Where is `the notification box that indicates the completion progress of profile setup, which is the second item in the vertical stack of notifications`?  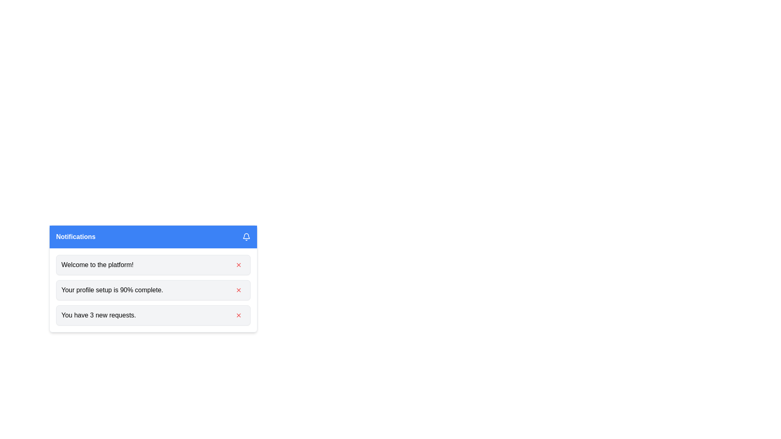 the notification box that indicates the completion progress of profile setup, which is the second item in the vertical stack of notifications is located at coordinates (153, 289).